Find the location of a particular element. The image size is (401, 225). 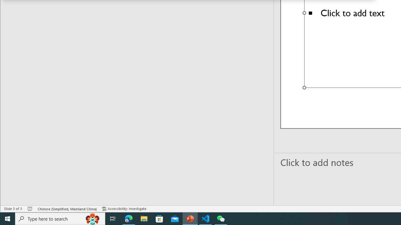

'Search highlights icon opens search home window' is located at coordinates (92, 218).